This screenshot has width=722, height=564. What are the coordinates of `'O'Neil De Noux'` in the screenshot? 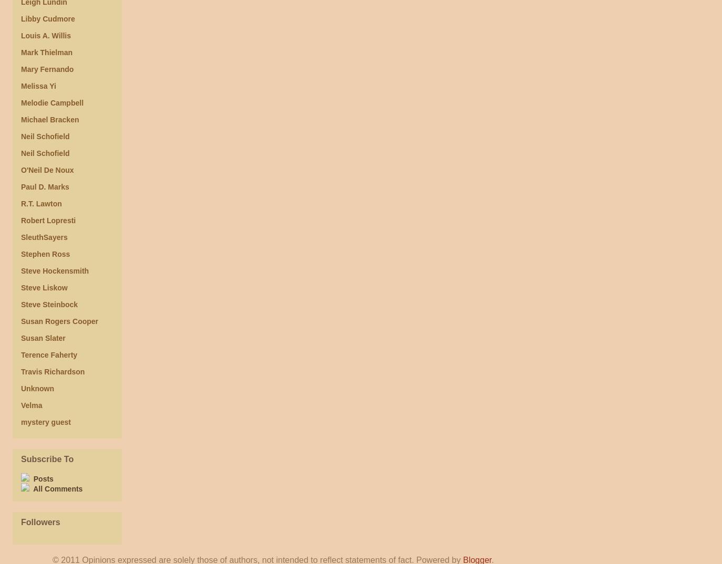 It's located at (20, 170).